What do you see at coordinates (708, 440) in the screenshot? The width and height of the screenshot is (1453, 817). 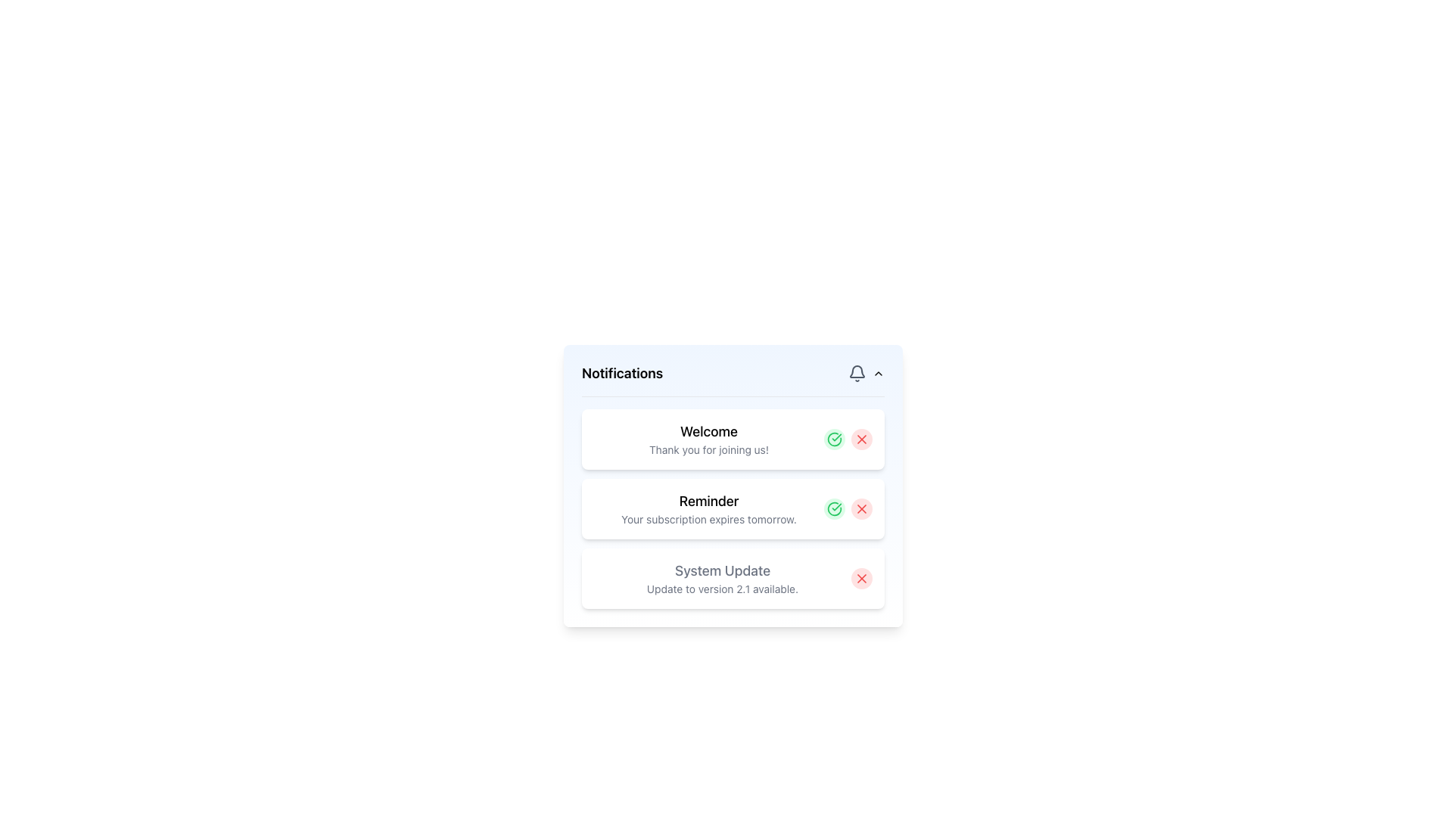 I see `the static text block that serves as a welcoming message, positioned below the 'Notifications' header and above the 'Reminder' notification` at bounding box center [708, 440].